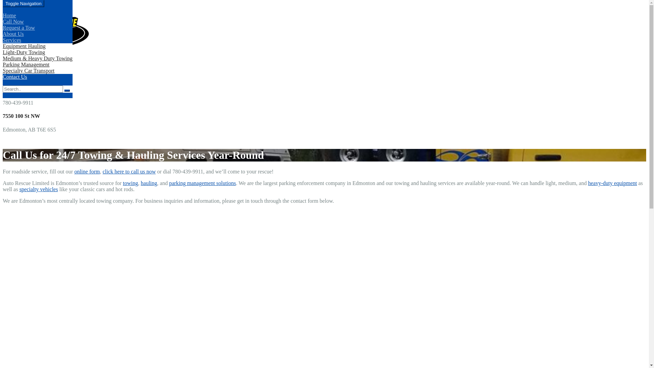 The width and height of the screenshot is (654, 368). I want to click on 'hauling', so click(148, 183).